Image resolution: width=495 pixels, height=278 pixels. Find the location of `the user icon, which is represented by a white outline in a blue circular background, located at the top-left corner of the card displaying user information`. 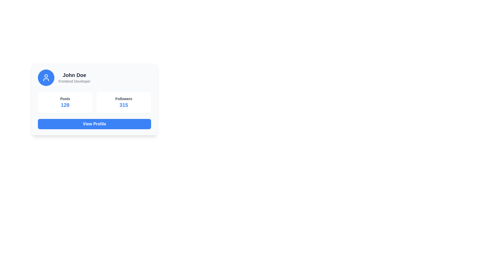

the user icon, which is represented by a white outline in a blue circular background, located at the top-left corner of the card displaying user information is located at coordinates (46, 77).